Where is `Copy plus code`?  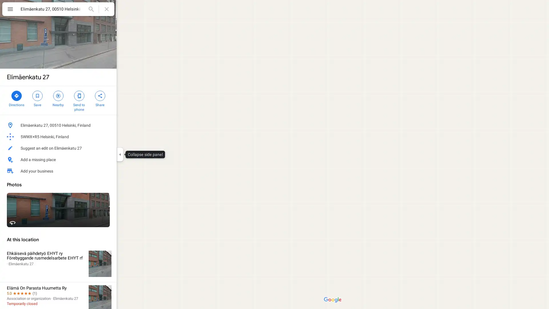
Copy plus code is located at coordinates (94, 137).